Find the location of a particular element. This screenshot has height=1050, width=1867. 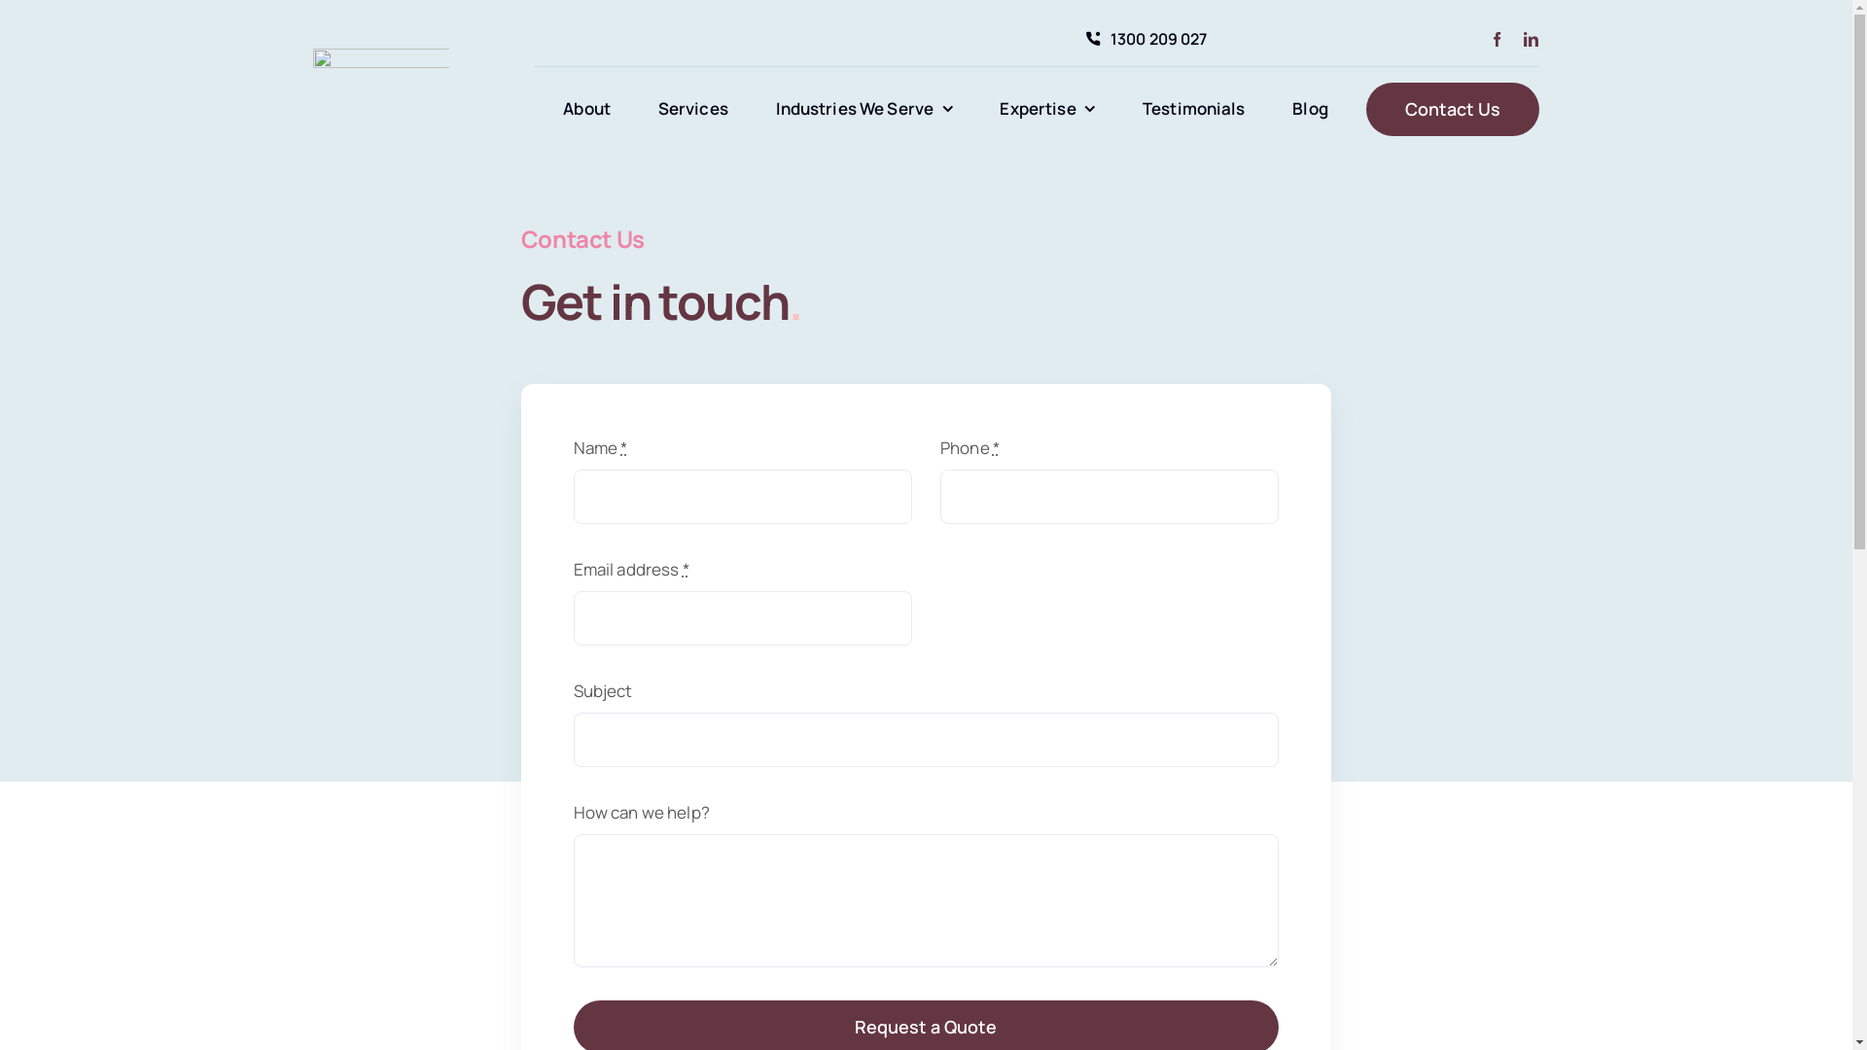

'Industries We Serve' is located at coordinates (764, 109).